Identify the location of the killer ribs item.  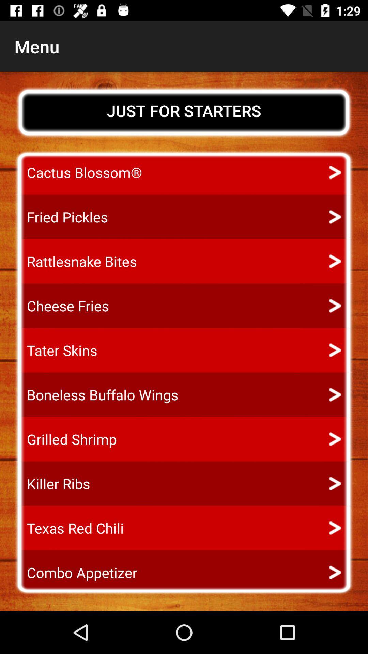
(52, 483).